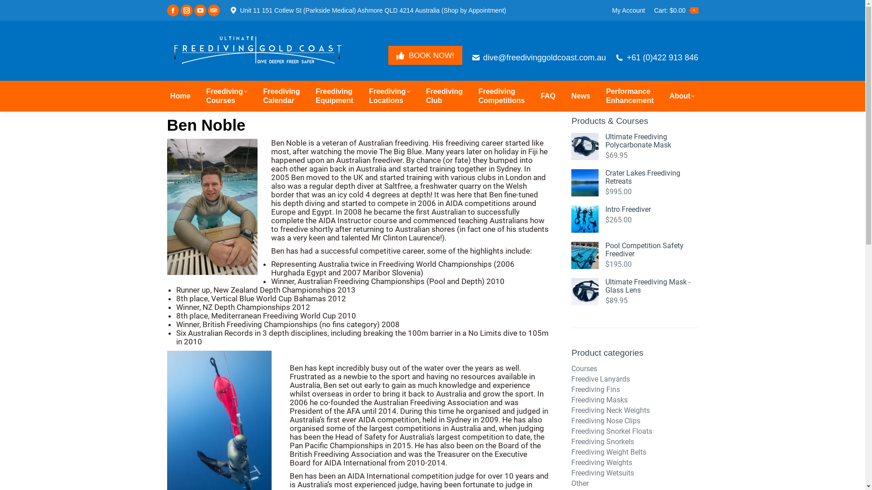 The height and width of the screenshot is (490, 872). What do you see at coordinates (651, 210) in the screenshot?
I see `'Intro Freediver'` at bounding box center [651, 210].